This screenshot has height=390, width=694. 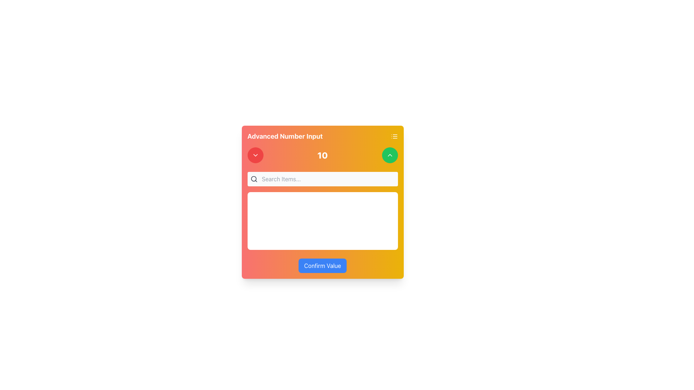 I want to click on the text component displaying the number '10', which is bold and large with a red to yellow-orange background, so click(x=322, y=155).